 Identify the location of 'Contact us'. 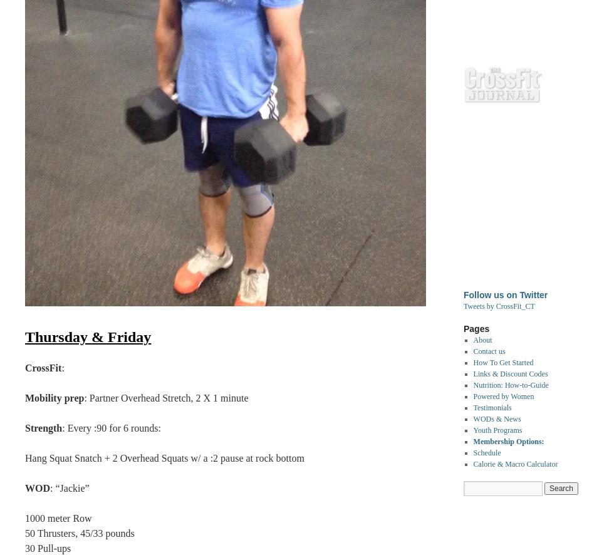
(472, 351).